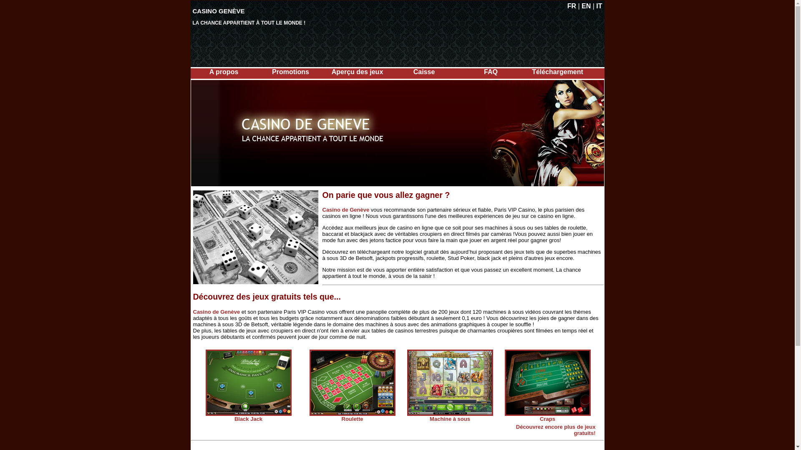  What do you see at coordinates (491, 71) in the screenshot?
I see `'FAQ'` at bounding box center [491, 71].